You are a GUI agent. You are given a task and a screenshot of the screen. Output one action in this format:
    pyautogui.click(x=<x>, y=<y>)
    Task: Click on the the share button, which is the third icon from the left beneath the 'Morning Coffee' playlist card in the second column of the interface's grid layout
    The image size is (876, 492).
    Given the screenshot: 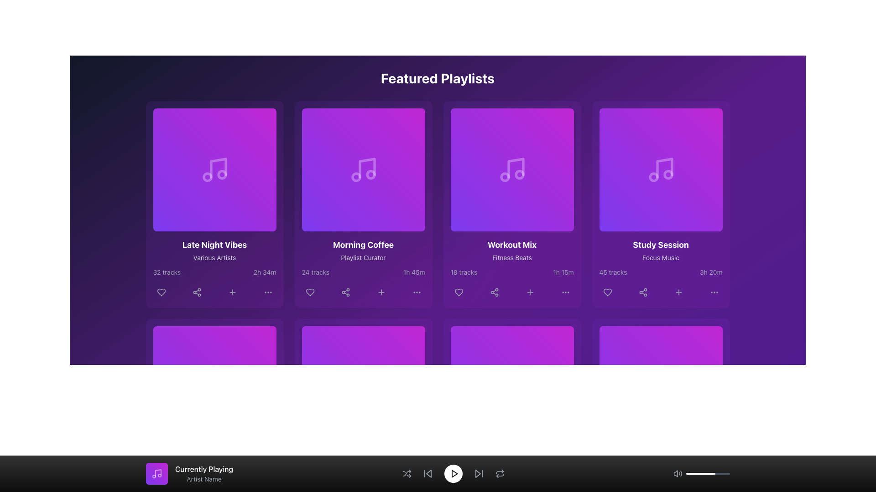 What is the action you would take?
    pyautogui.click(x=345, y=292)
    